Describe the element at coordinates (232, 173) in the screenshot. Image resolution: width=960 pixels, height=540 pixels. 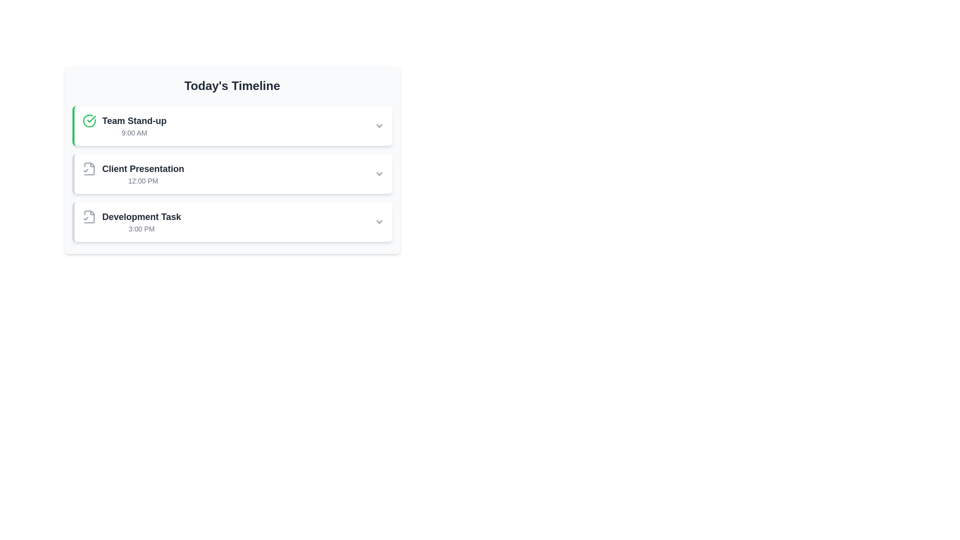
I see `the interactive list item titled 'Client Presentation'` at that location.